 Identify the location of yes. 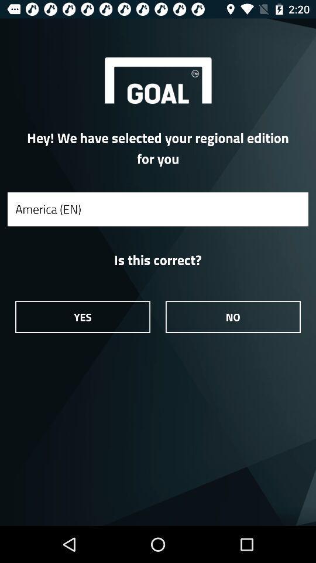
(82, 316).